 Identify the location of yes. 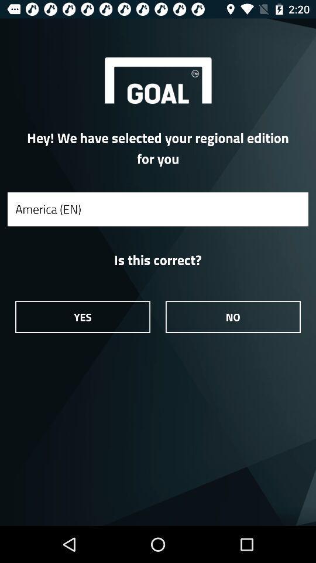
(82, 316).